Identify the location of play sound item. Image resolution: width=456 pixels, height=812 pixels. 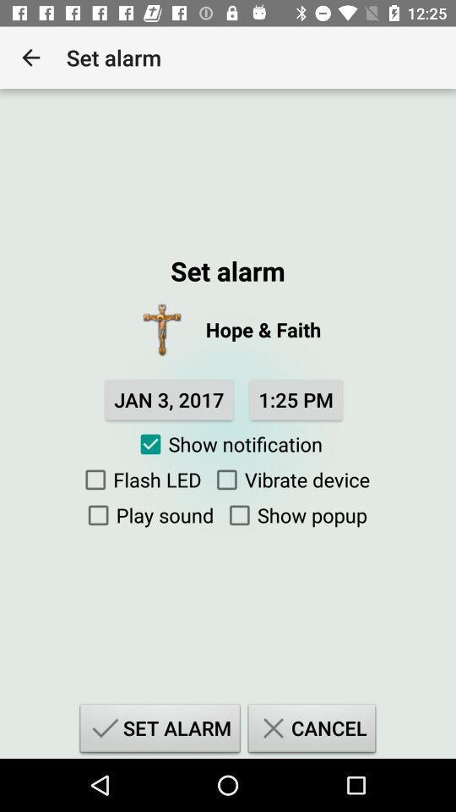
(147, 514).